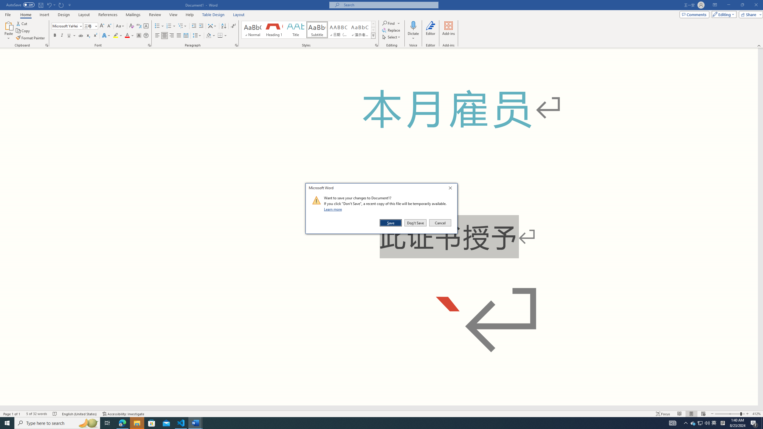 Image resolution: width=763 pixels, height=429 pixels. I want to click on 'File Explorer - 1 running window', so click(137, 422).